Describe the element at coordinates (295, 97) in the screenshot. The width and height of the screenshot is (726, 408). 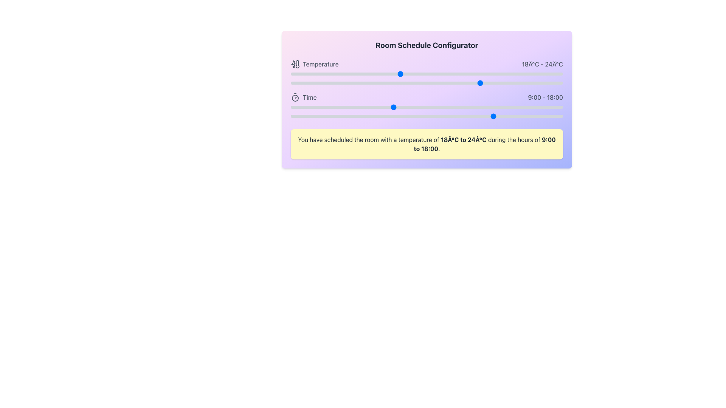
I see `the circular shape of the stopwatch icon located to the left of the 'Time' label in the configuration interface` at that location.